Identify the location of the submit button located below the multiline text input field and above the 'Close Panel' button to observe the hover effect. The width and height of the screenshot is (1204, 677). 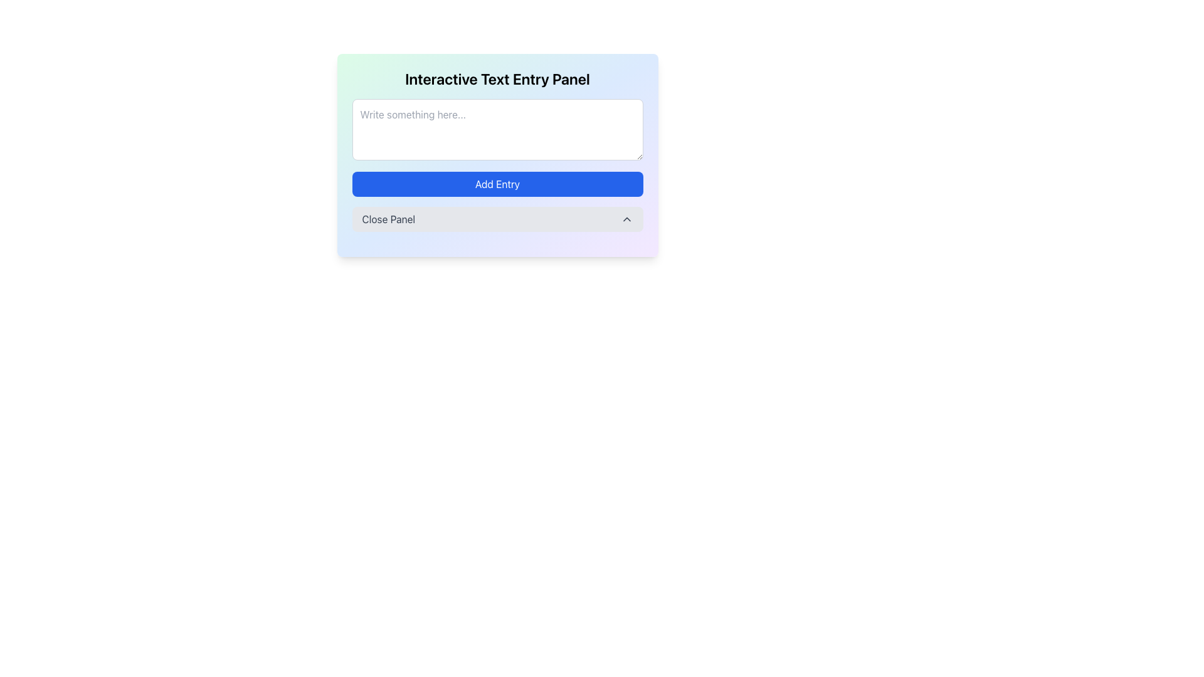
(497, 184).